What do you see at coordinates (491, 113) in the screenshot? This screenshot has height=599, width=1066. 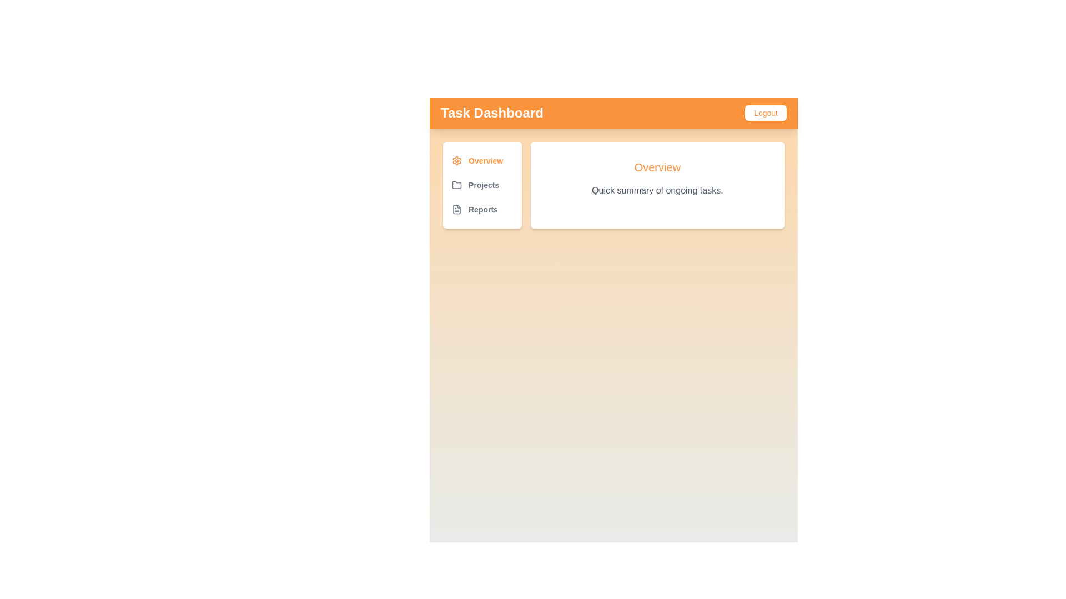 I see `the Text label indicating the Task Dashboard section, located in the top-left corner of the orange-colored header bar` at bounding box center [491, 113].